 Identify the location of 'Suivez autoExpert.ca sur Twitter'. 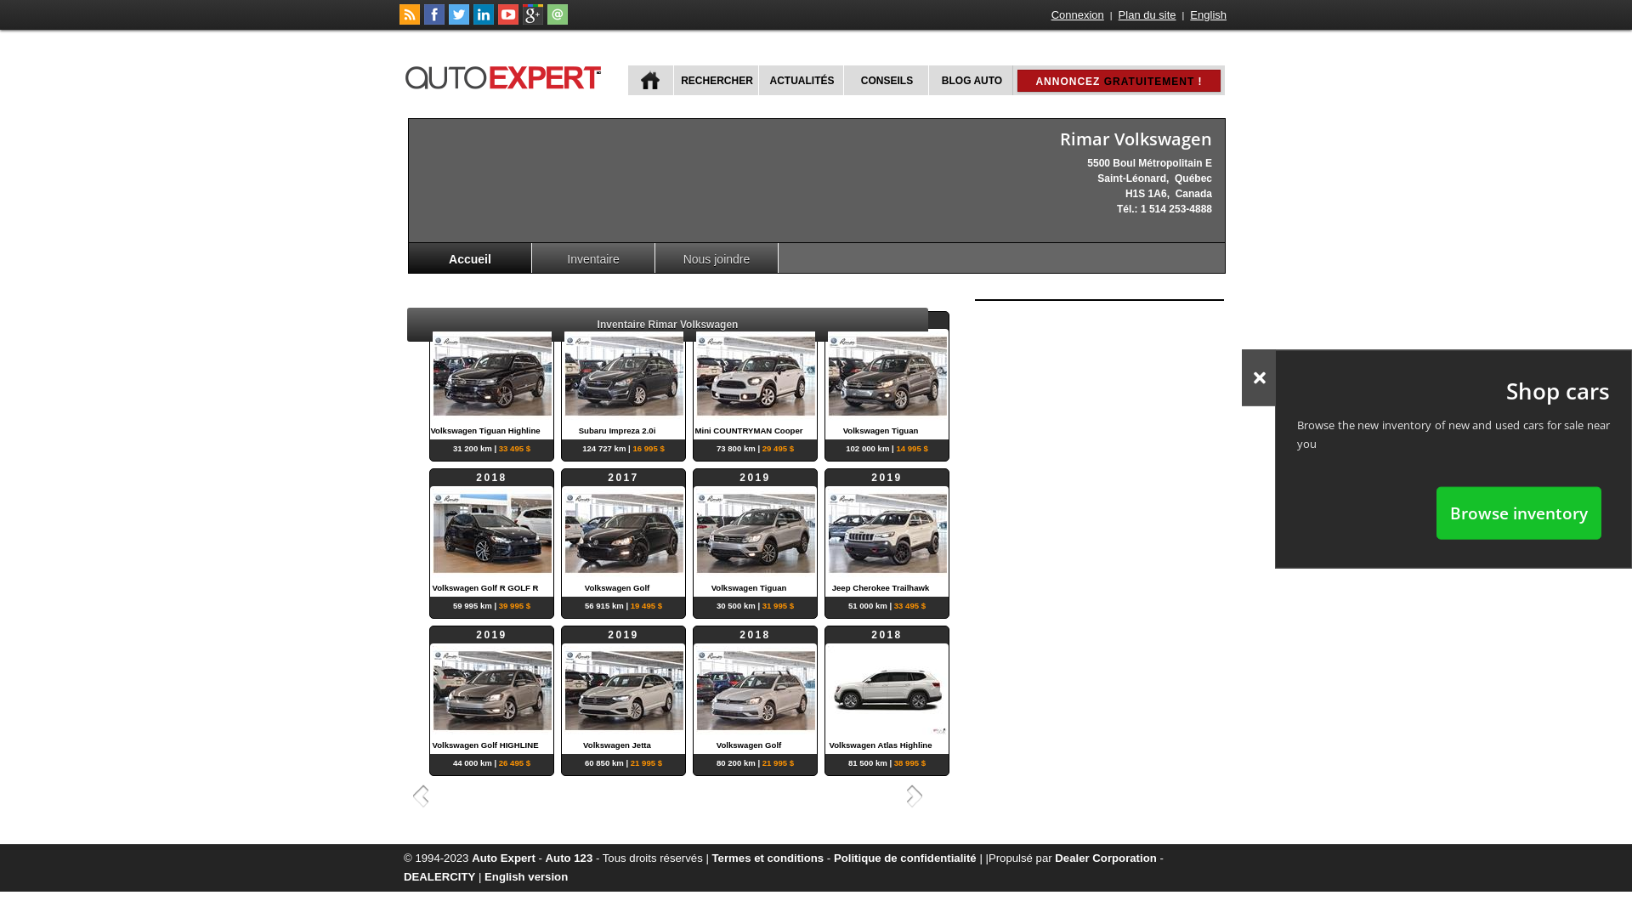
(458, 20).